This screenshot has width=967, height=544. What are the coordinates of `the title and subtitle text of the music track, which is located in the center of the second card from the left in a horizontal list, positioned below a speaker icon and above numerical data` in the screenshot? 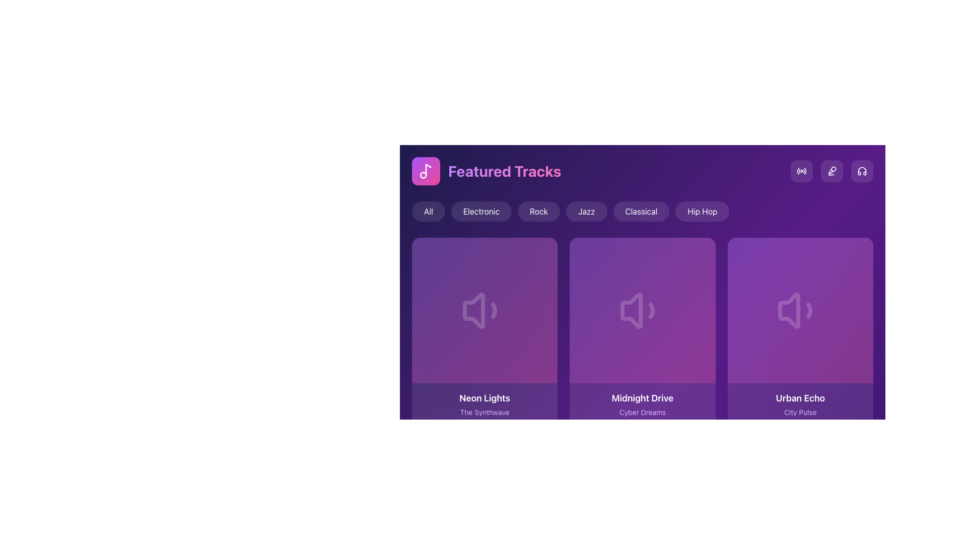 It's located at (642, 404).